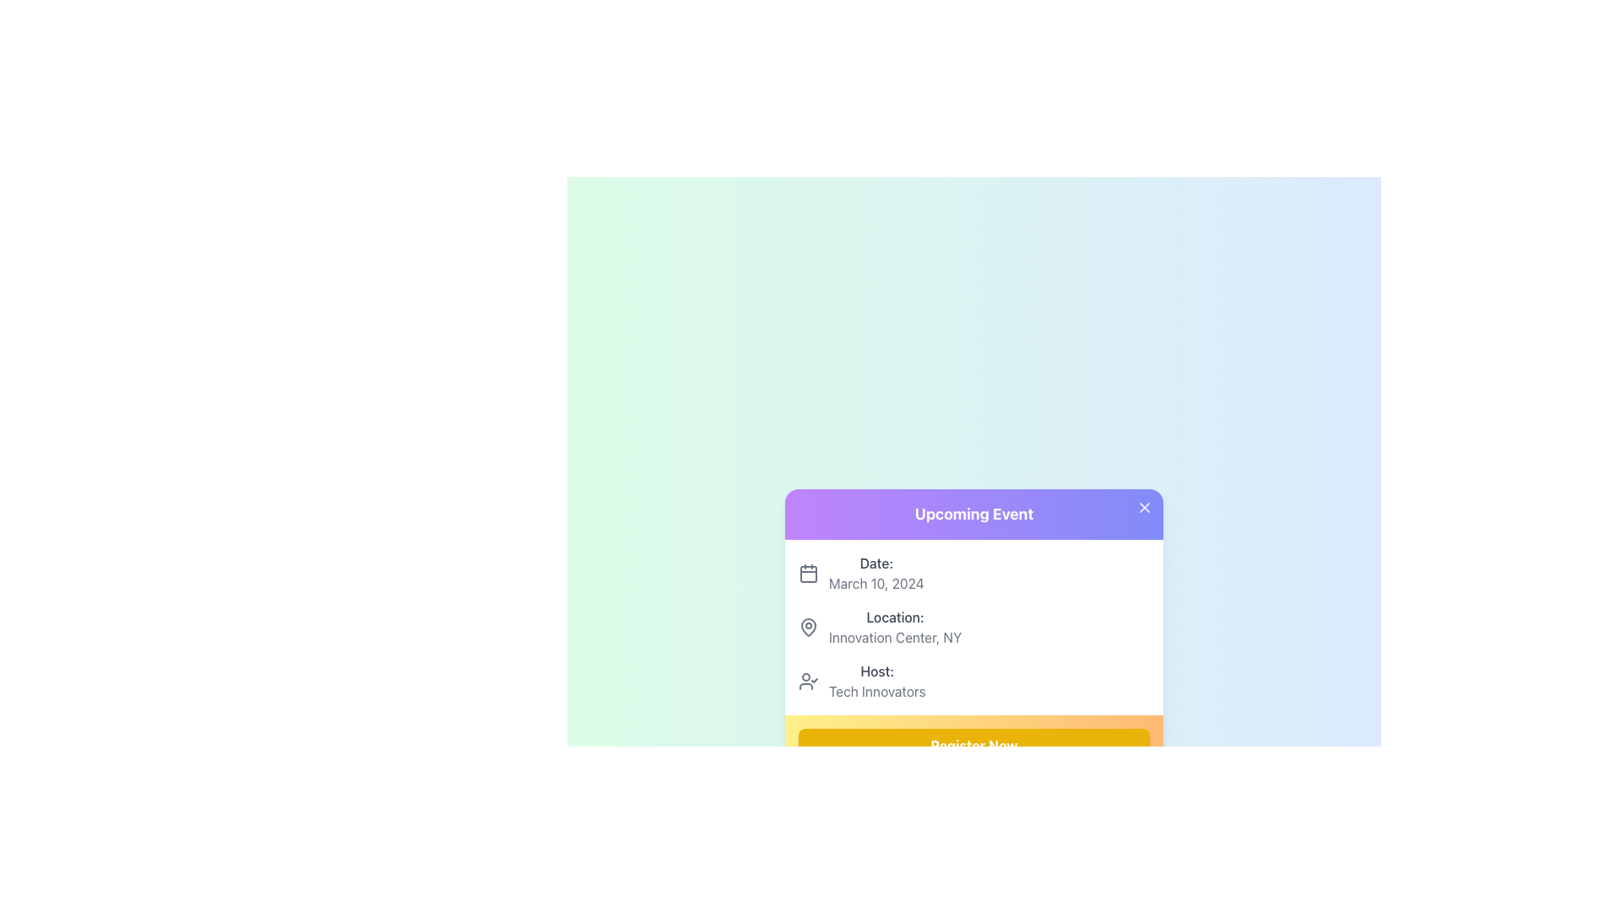  Describe the element at coordinates (877, 670) in the screenshot. I see `the text label that indicates the host information, labeled 'Tech Innovators', located at the upper part of the event information card` at that location.